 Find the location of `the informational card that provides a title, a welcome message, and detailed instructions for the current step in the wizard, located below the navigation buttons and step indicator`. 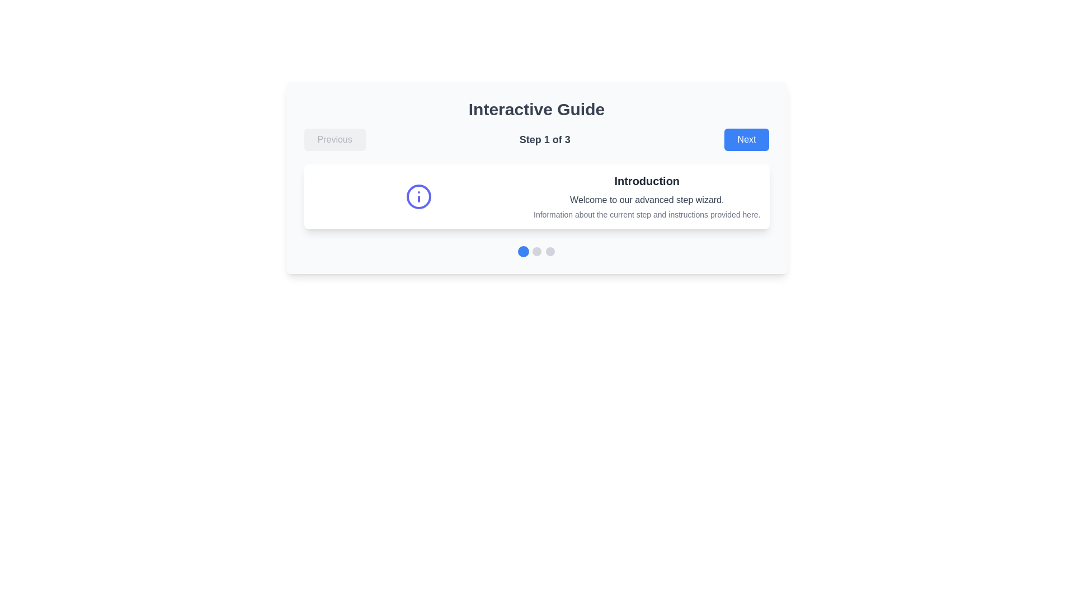

the informational card that provides a title, a welcome message, and detailed instructions for the current step in the wizard, located below the navigation buttons and step indicator is located at coordinates (536, 196).